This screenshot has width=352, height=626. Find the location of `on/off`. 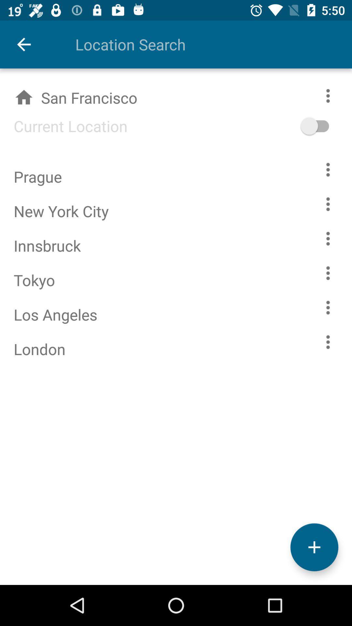

on/off is located at coordinates (325, 126).